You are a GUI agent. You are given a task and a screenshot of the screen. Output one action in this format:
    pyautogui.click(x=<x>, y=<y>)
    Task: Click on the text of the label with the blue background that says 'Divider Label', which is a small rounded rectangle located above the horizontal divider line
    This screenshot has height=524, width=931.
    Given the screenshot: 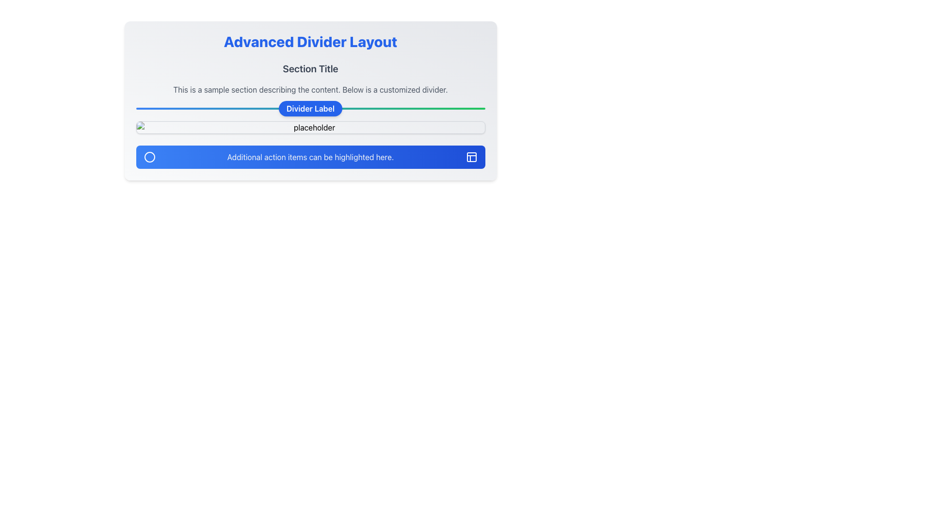 What is the action you would take?
    pyautogui.click(x=310, y=108)
    